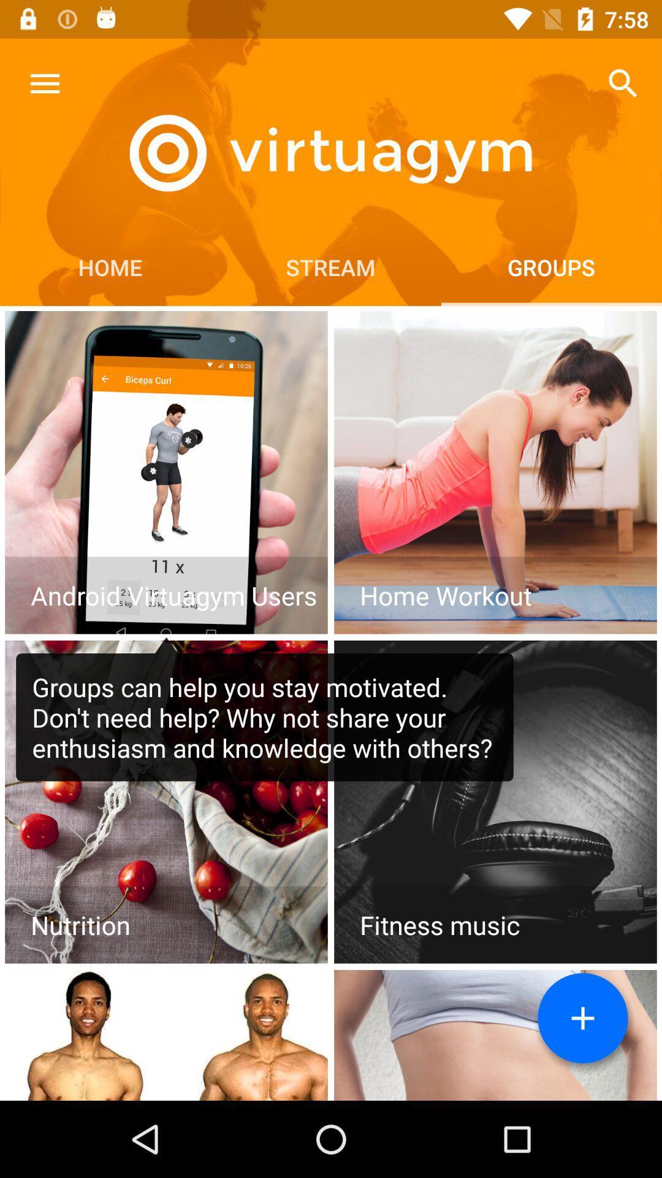 Image resolution: width=662 pixels, height=1178 pixels. I want to click on access nutrition, so click(166, 802).